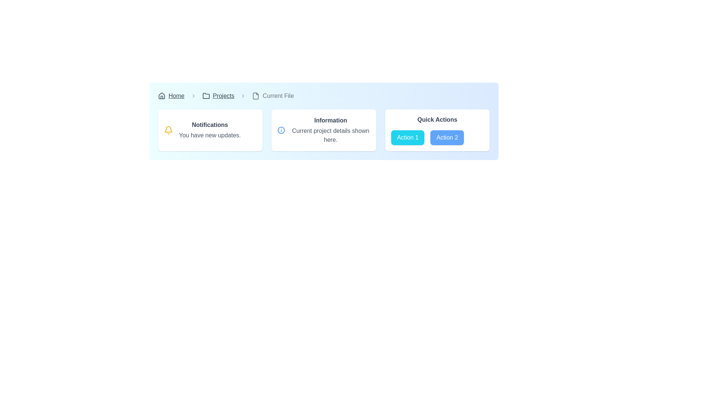 This screenshot has height=402, width=716. What do you see at coordinates (330, 130) in the screenshot?
I see `the text display component that provides information about the current project, located in the middle panel between 'Notifications' and 'Quick Actions'` at bounding box center [330, 130].